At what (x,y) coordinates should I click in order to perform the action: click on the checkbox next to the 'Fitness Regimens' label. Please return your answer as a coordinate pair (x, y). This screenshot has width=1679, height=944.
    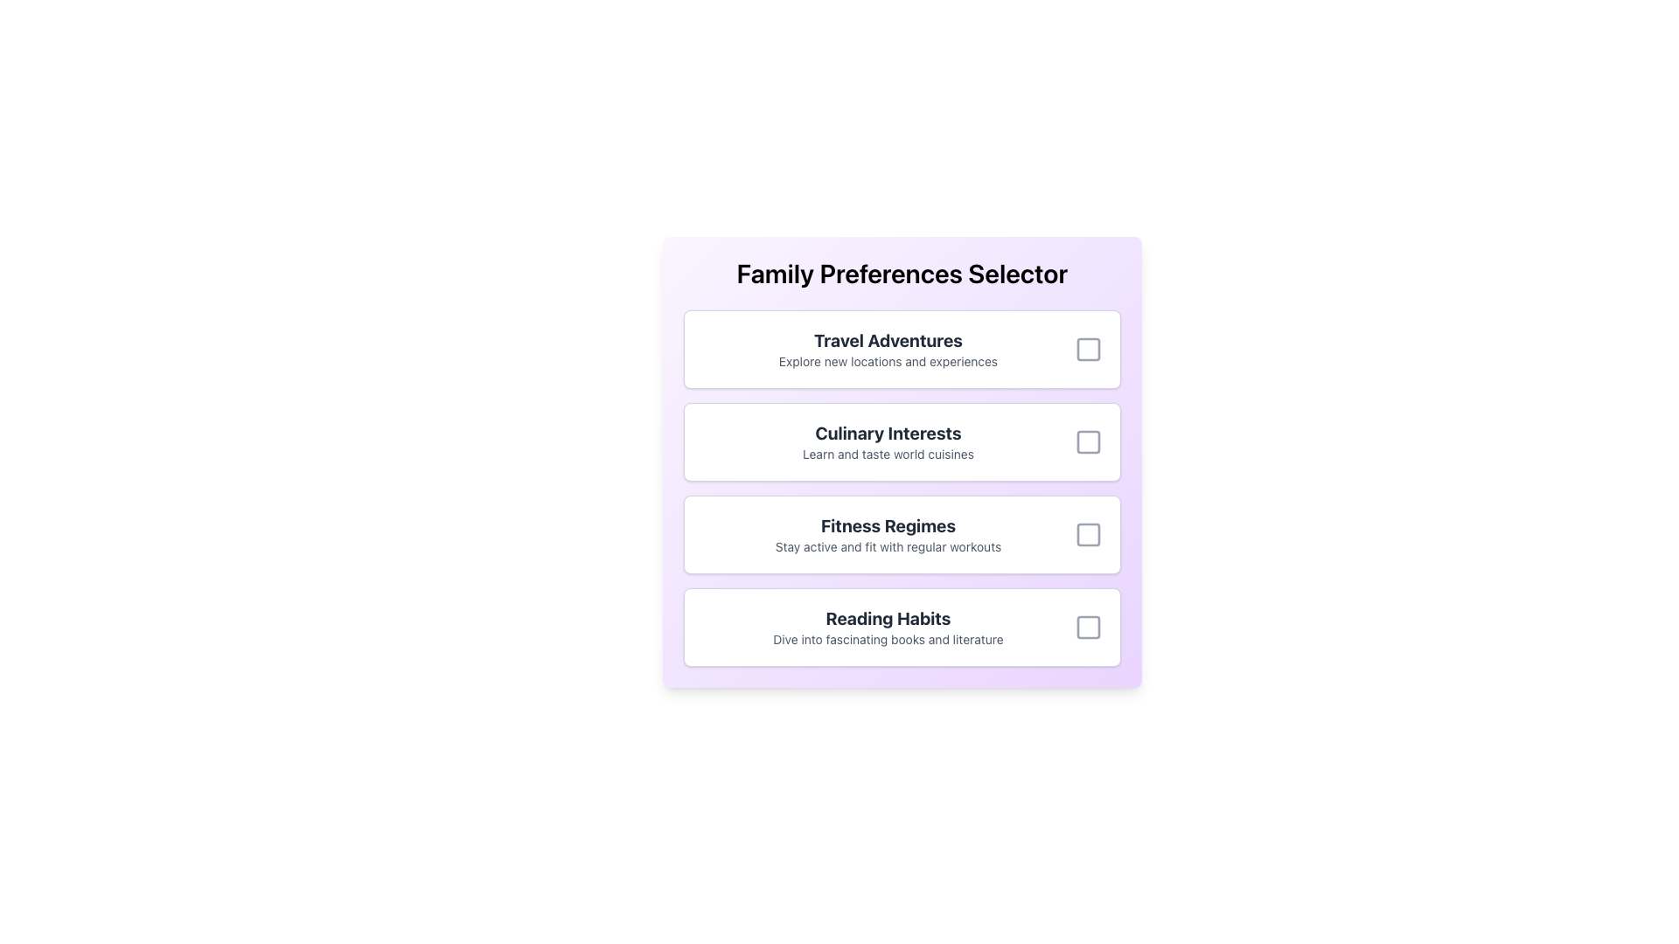
    Looking at the image, I should click on (1087, 534).